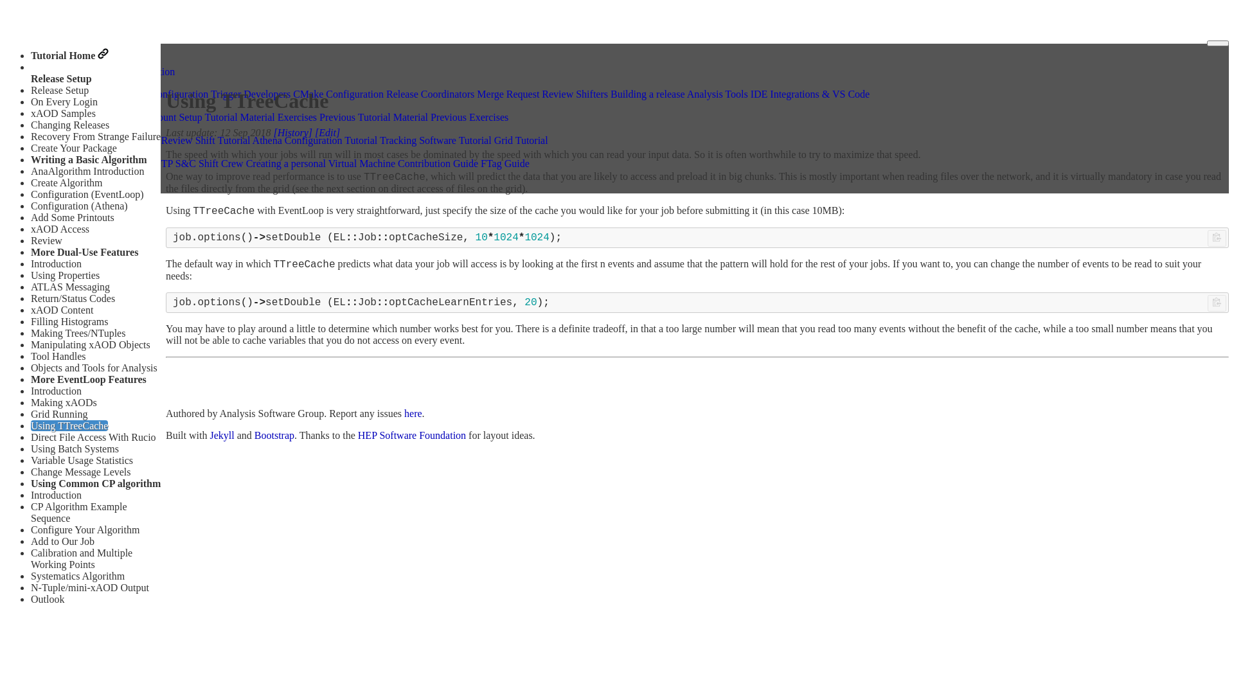  Describe the element at coordinates (250, 93) in the screenshot. I see `'Trigger Developers'` at that location.